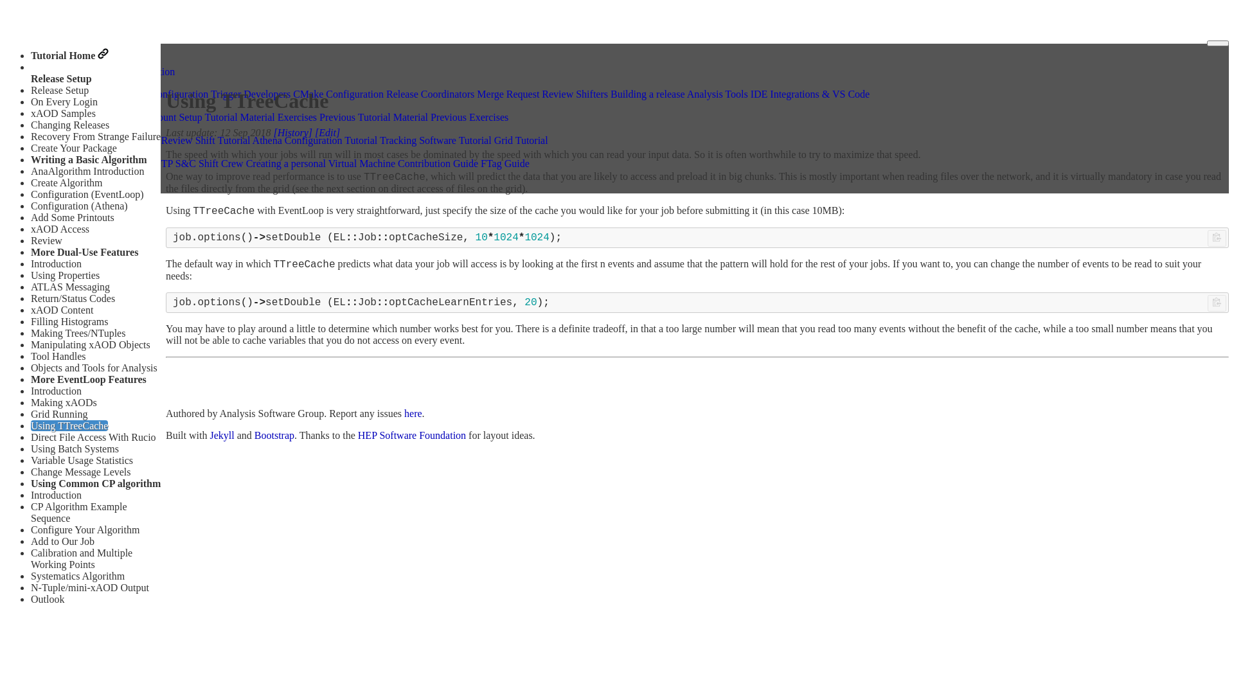  Describe the element at coordinates (250, 93) in the screenshot. I see `'Trigger Developers'` at that location.